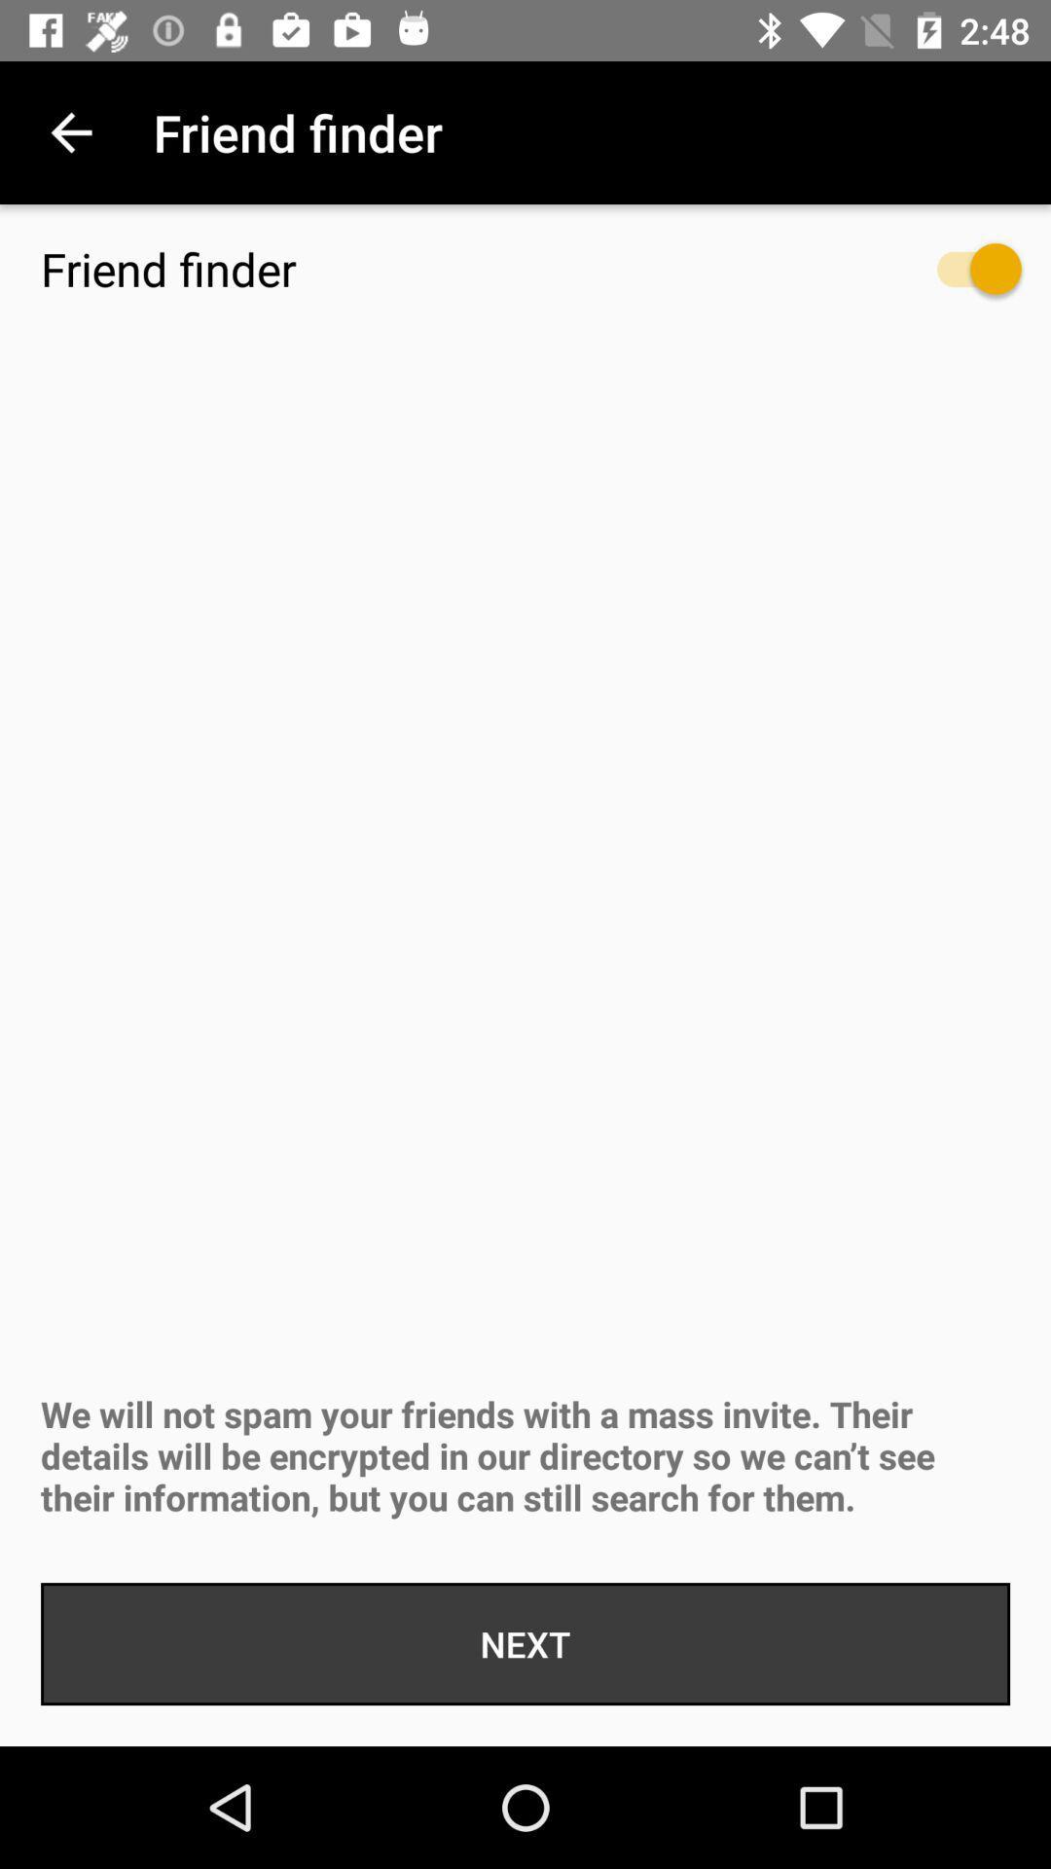 This screenshot has height=1869, width=1051. What do you see at coordinates (959, 277) in the screenshot?
I see `item to the right of the friend finder item` at bounding box center [959, 277].